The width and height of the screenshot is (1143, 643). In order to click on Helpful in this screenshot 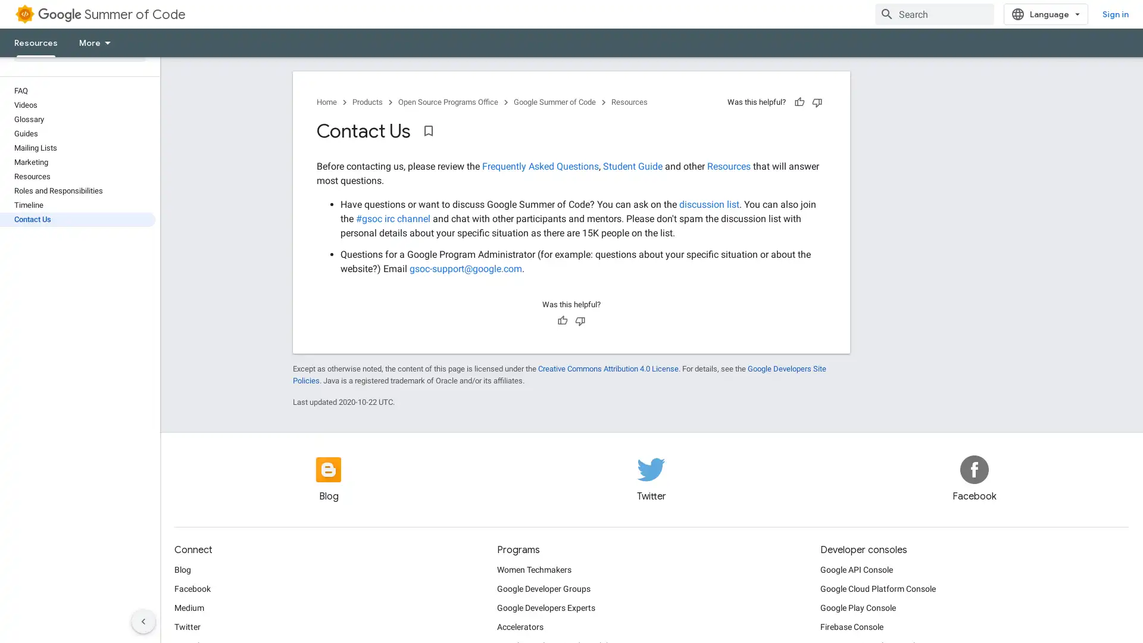, I will do `click(800, 102)`.